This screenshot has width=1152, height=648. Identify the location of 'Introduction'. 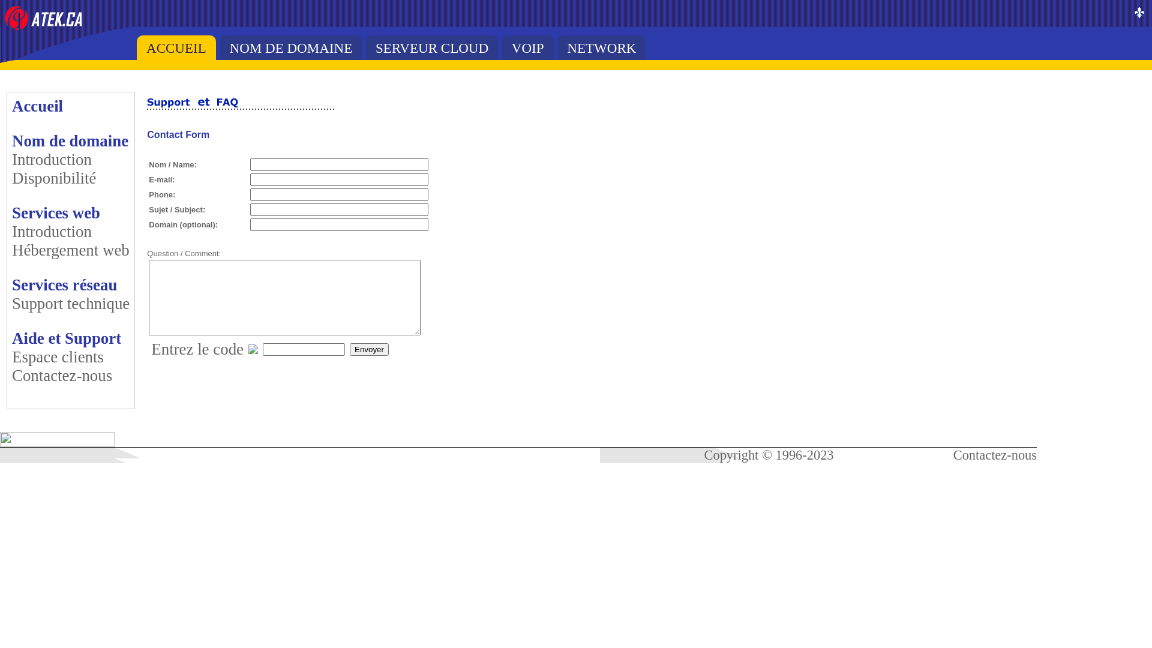
(51, 159).